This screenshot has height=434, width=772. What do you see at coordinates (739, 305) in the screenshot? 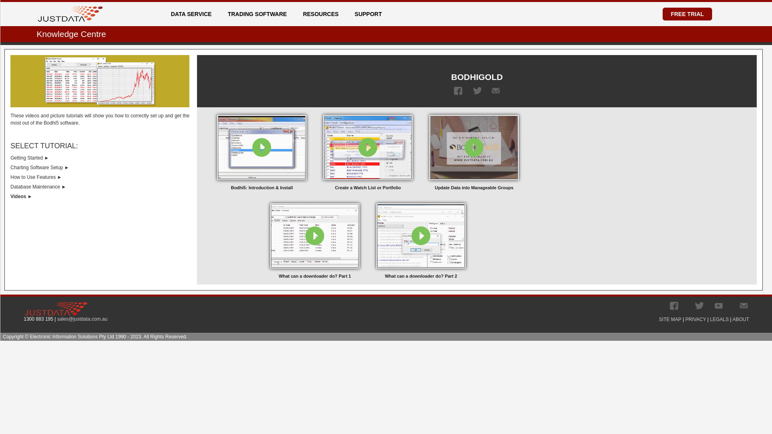
I see `'Email JustData'` at bounding box center [739, 305].